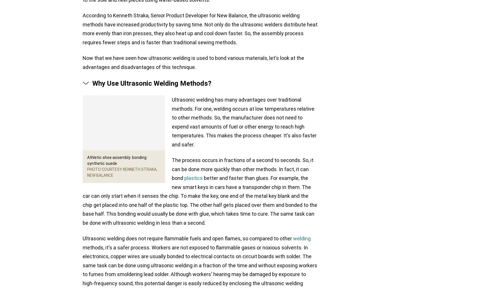 The image size is (497, 288). I want to click on 'According to Kenneth Straka, Senior Product Developer for New Balance, the ultrasonic welding methods have increased productivity by saving time. Not only do the ultrasonic welders distribute heat more evenly than iron presses, they also heat up and cool down faster. So, the assembly process requires fewer steps and is faster than traditional sewing methods.', so click(200, 29).